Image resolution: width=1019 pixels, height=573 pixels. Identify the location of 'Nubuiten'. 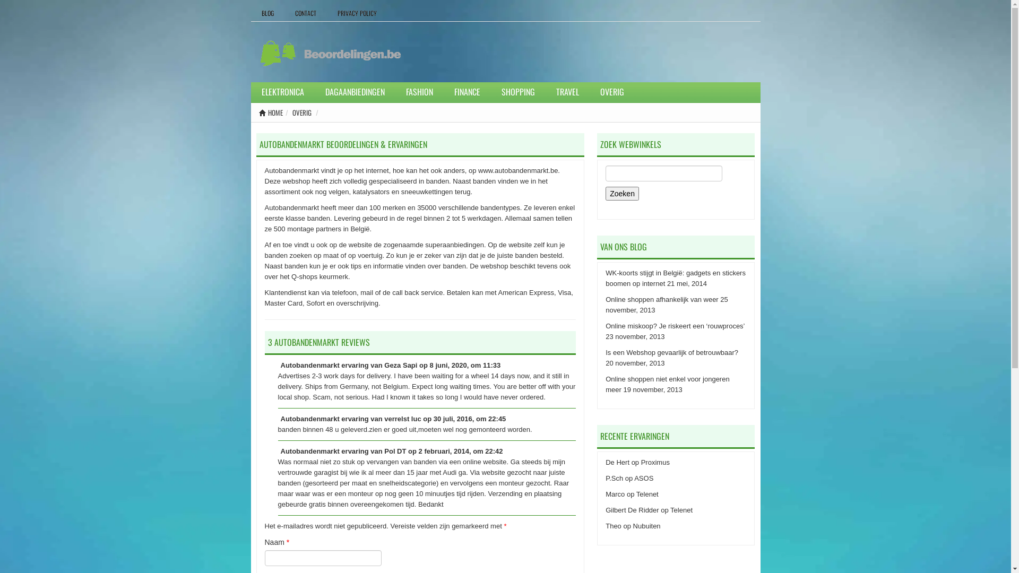
(646, 526).